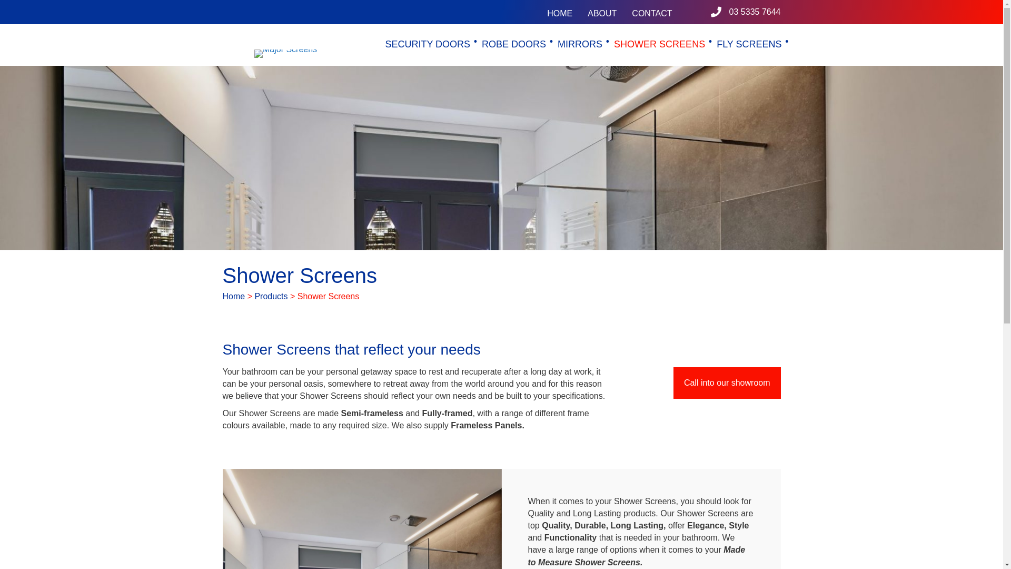 The width and height of the screenshot is (1011, 569). Describe the element at coordinates (747, 43) in the screenshot. I see `'FLY SCREENS'` at that location.